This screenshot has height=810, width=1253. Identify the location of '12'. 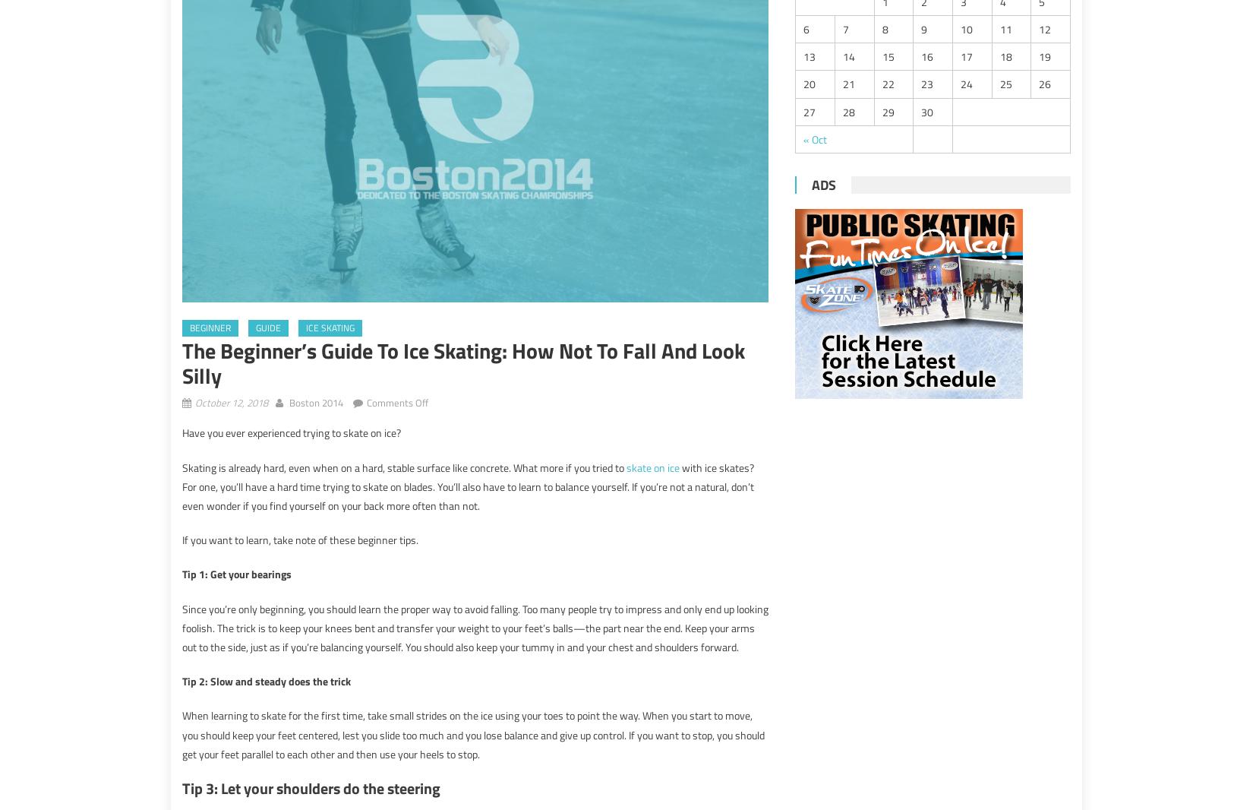
(1043, 28).